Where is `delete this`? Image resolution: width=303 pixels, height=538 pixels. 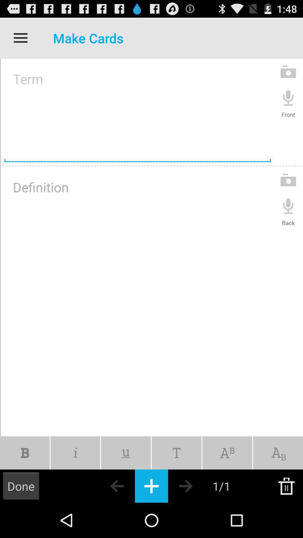
delete this is located at coordinates (286, 486).